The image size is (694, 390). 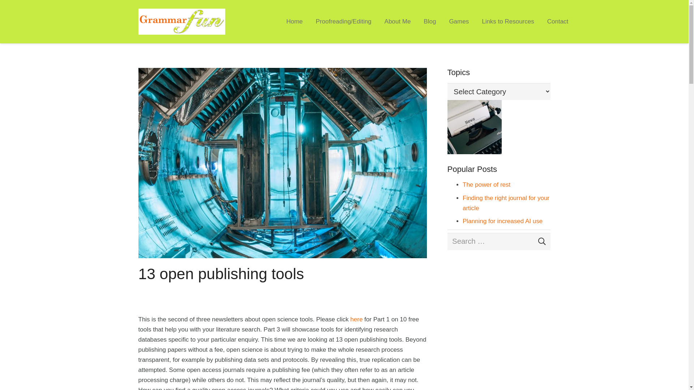 What do you see at coordinates (458, 21) in the screenshot?
I see `'Games'` at bounding box center [458, 21].